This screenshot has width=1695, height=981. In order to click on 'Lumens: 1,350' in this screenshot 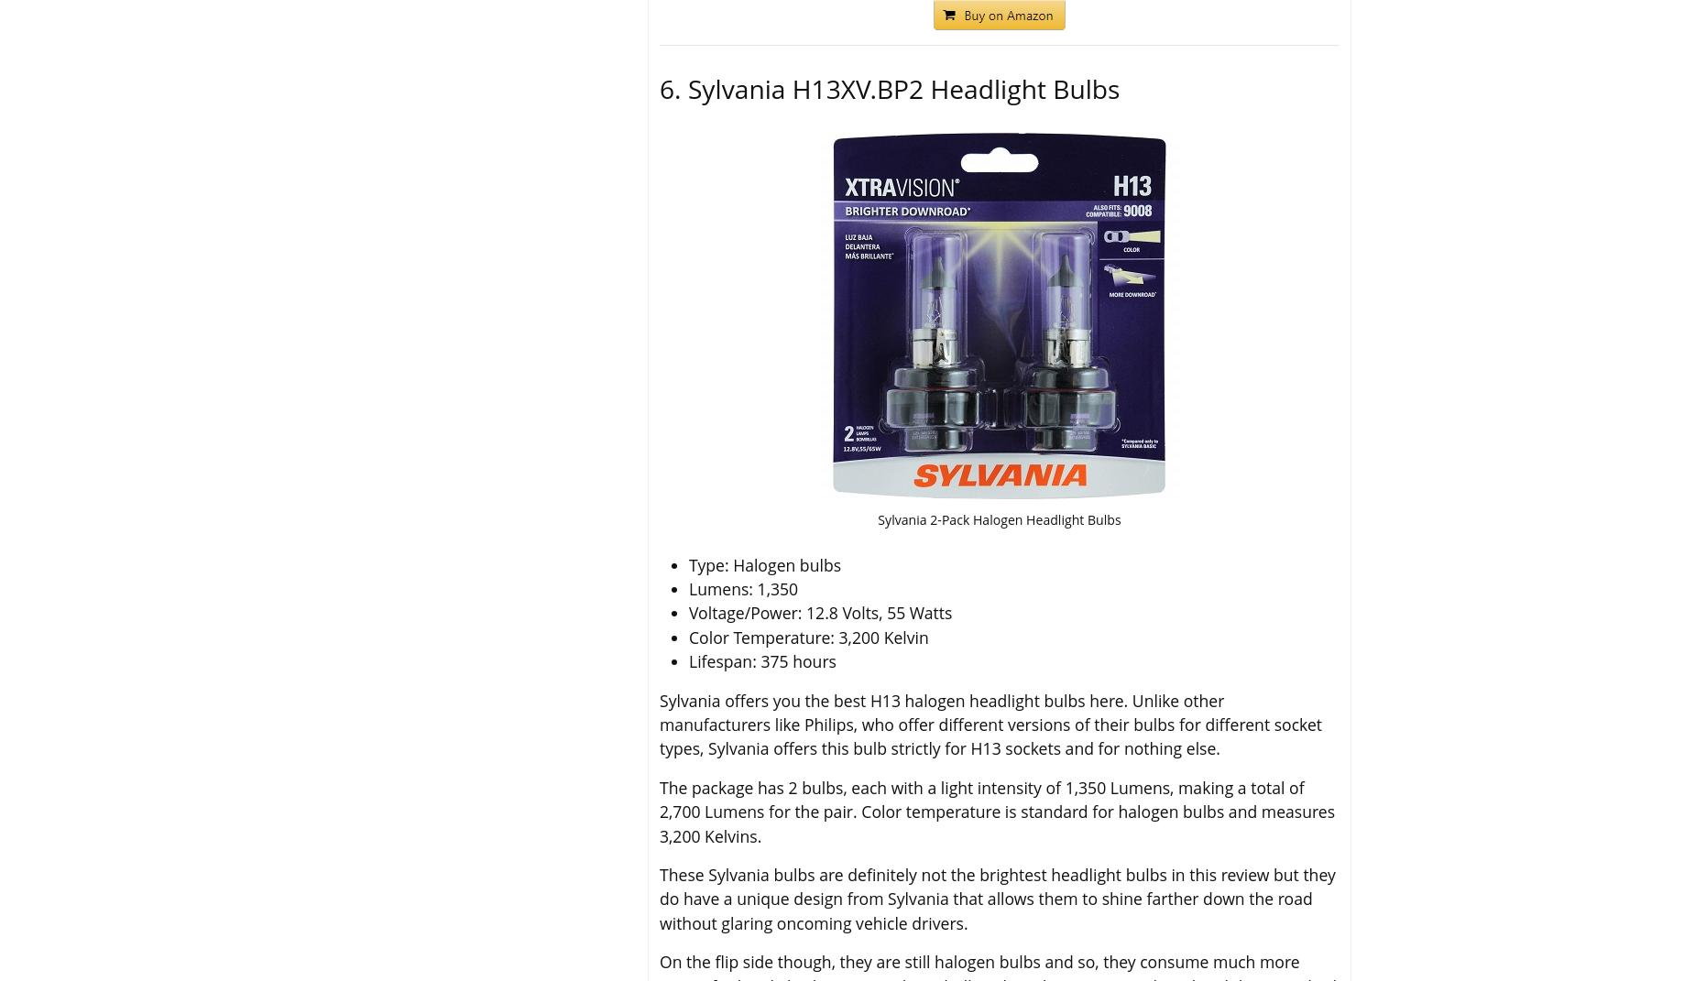, I will do `click(743, 588)`.